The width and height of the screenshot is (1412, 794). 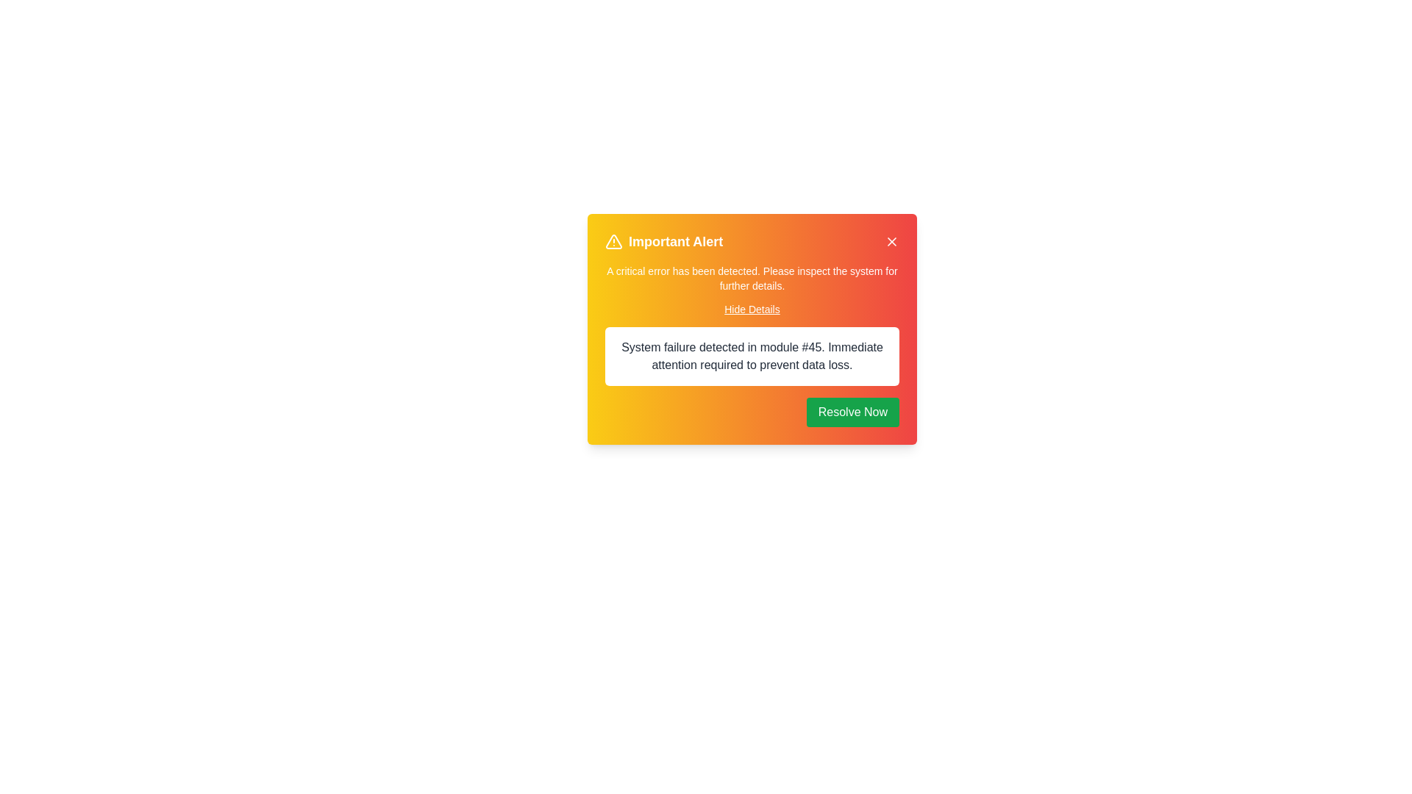 I want to click on the 'Hide Details' link to toggle the visibility of the details section, so click(x=752, y=308).